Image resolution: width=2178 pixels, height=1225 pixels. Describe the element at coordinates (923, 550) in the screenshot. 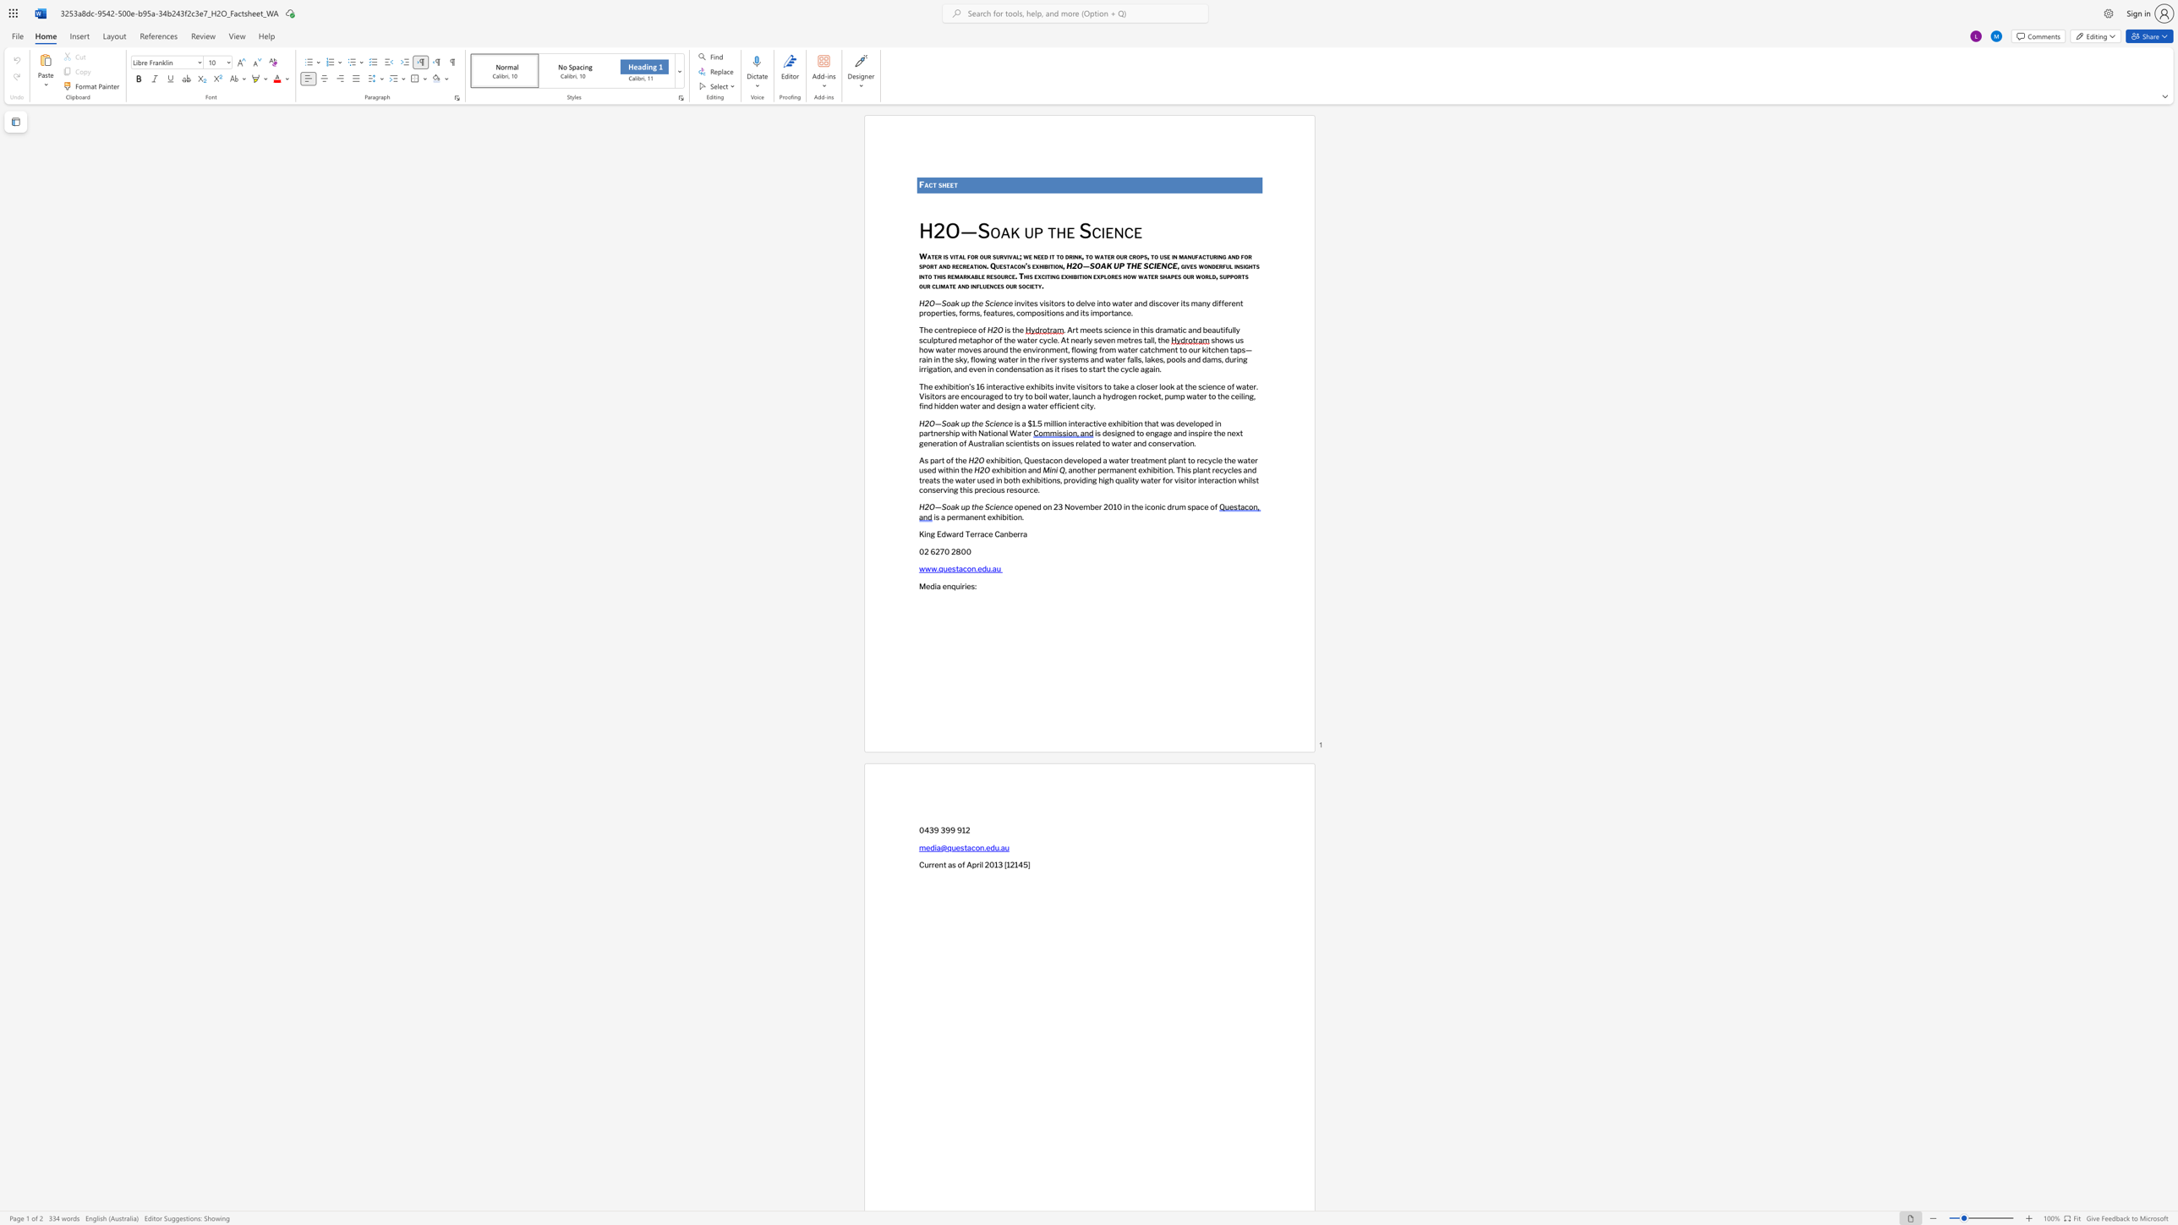

I see `the space between the continuous character "0" and "2" in the text` at that location.